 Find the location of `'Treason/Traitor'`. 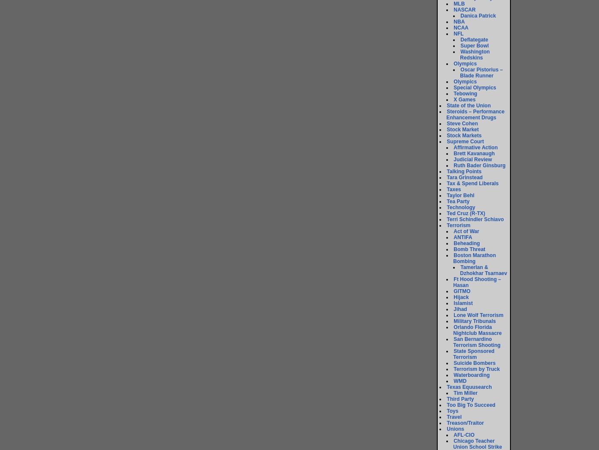

'Treason/Traitor' is located at coordinates (465, 423).